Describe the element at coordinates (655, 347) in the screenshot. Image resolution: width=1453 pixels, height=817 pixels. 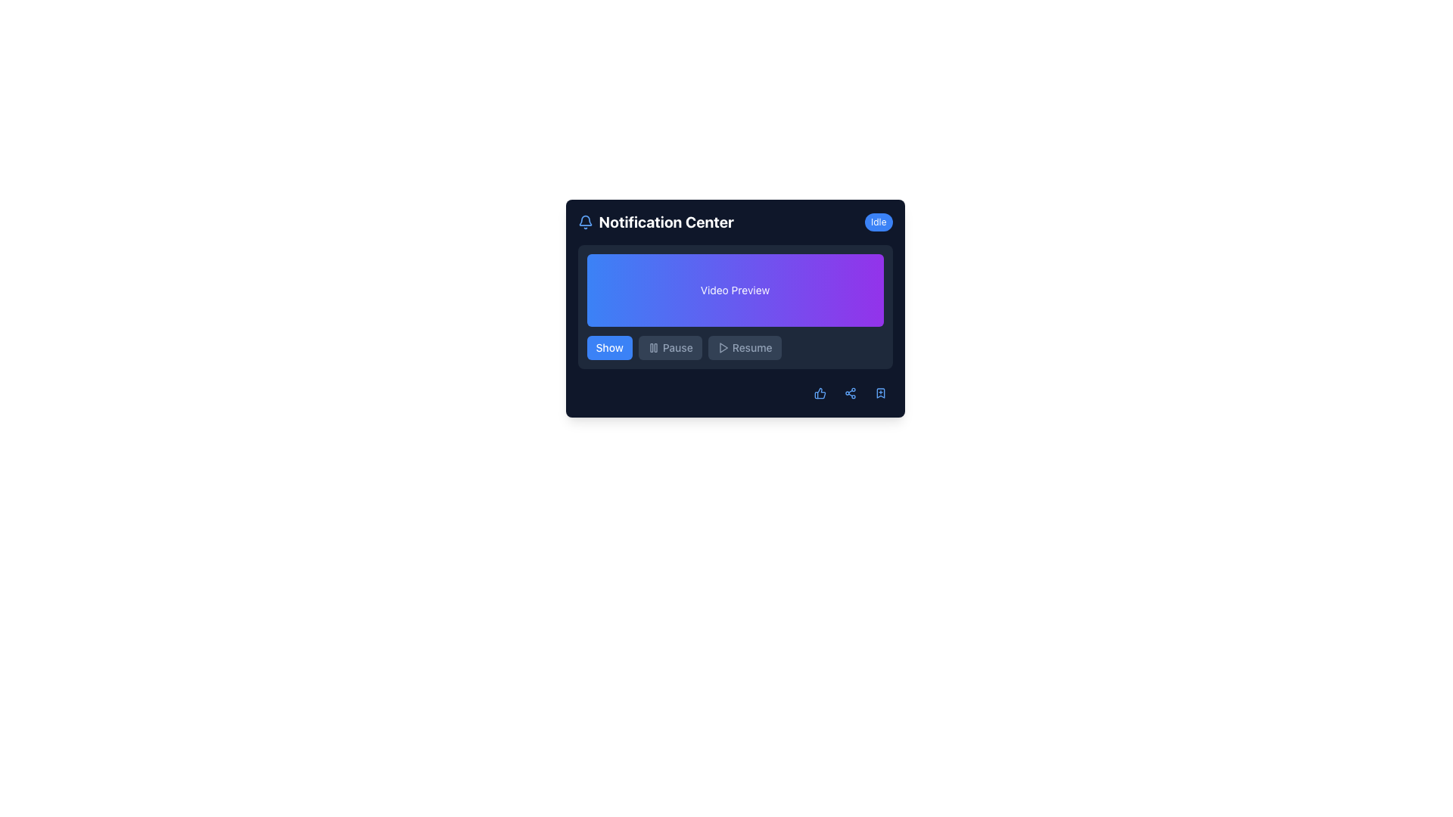
I see `the right vertical bar of the 'Pause' icon, which is adjacent to the 'Show' button on the left and the 'Resume' button on the right` at that location.